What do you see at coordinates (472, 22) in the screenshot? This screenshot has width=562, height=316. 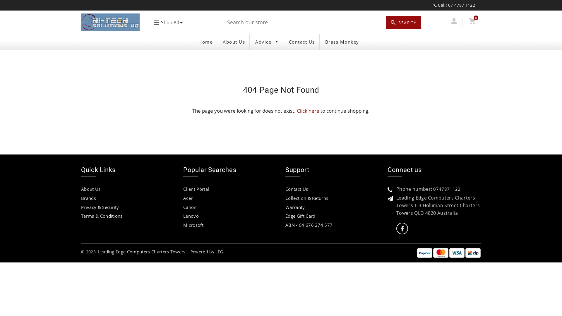 I see `'Cart` at bounding box center [472, 22].